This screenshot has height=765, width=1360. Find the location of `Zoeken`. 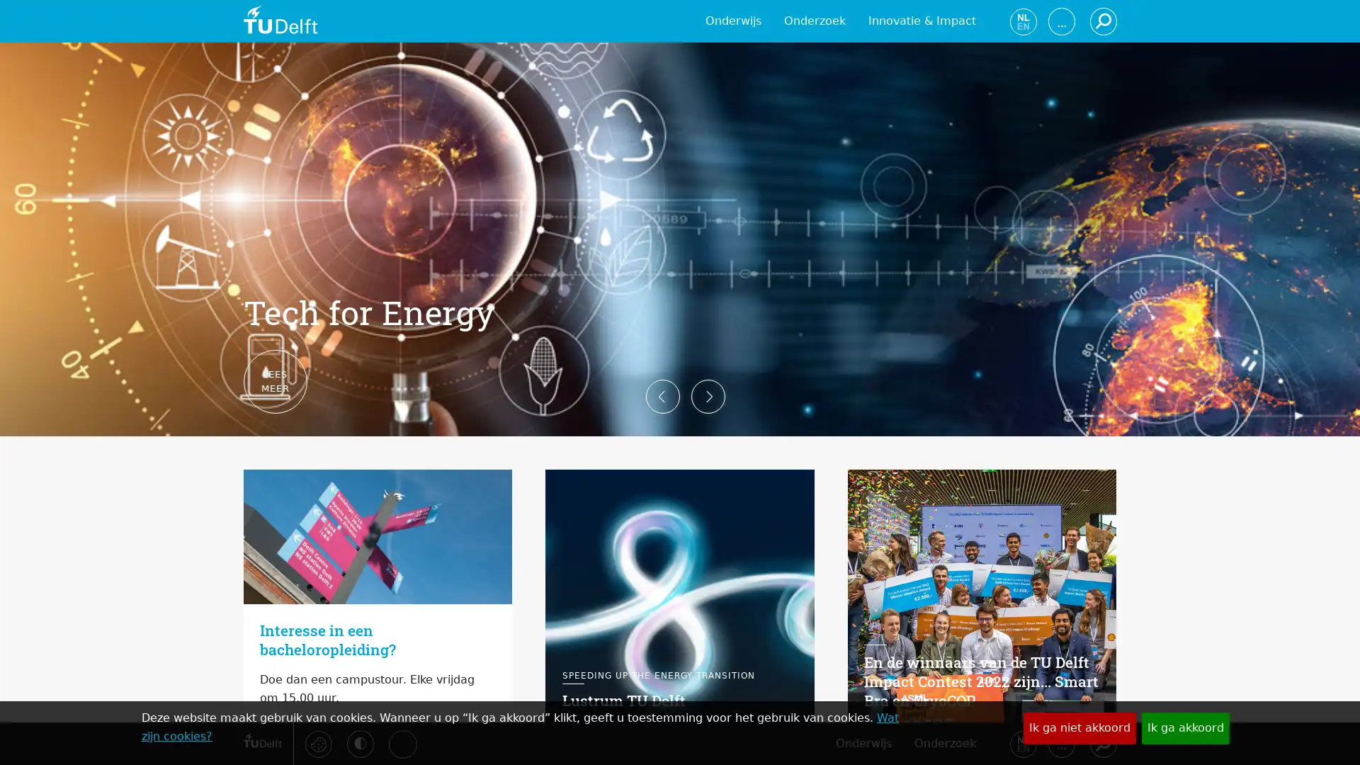

Zoeken is located at coordinates (1101, 742).